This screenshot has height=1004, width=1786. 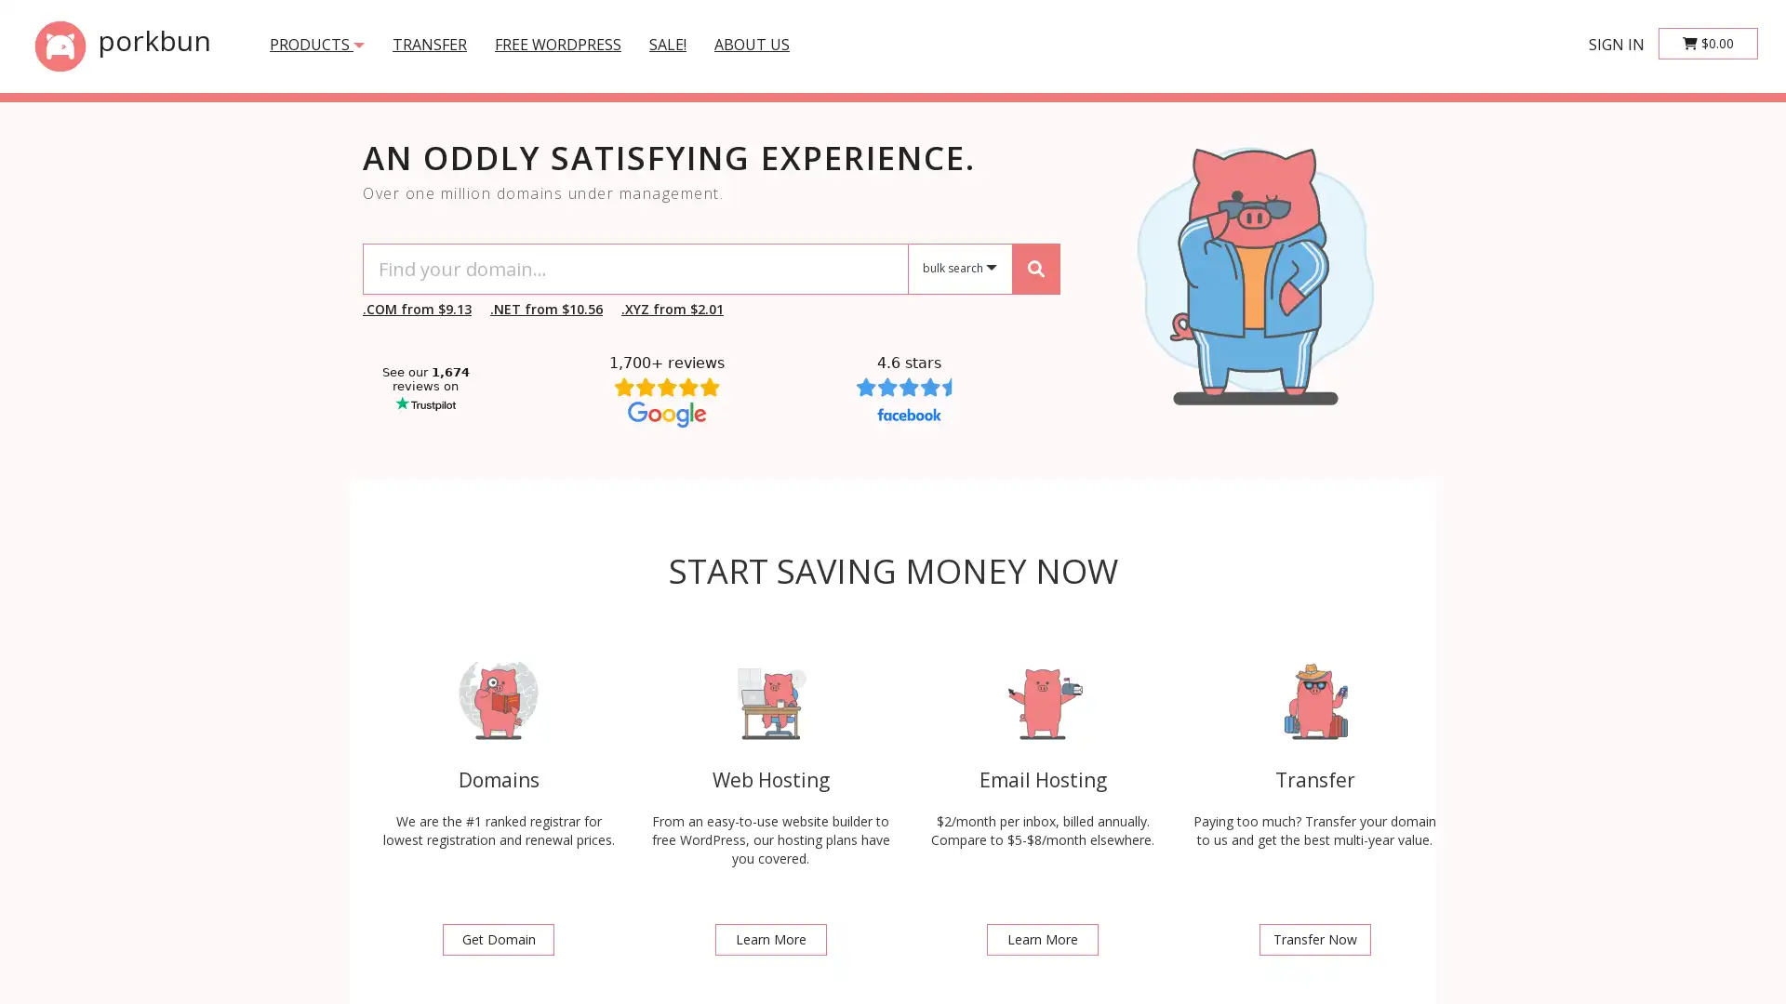 What do you see at coordinates (1034, 268) in the screenshot?
I see `submit search` at bounding box center [1034, 268].